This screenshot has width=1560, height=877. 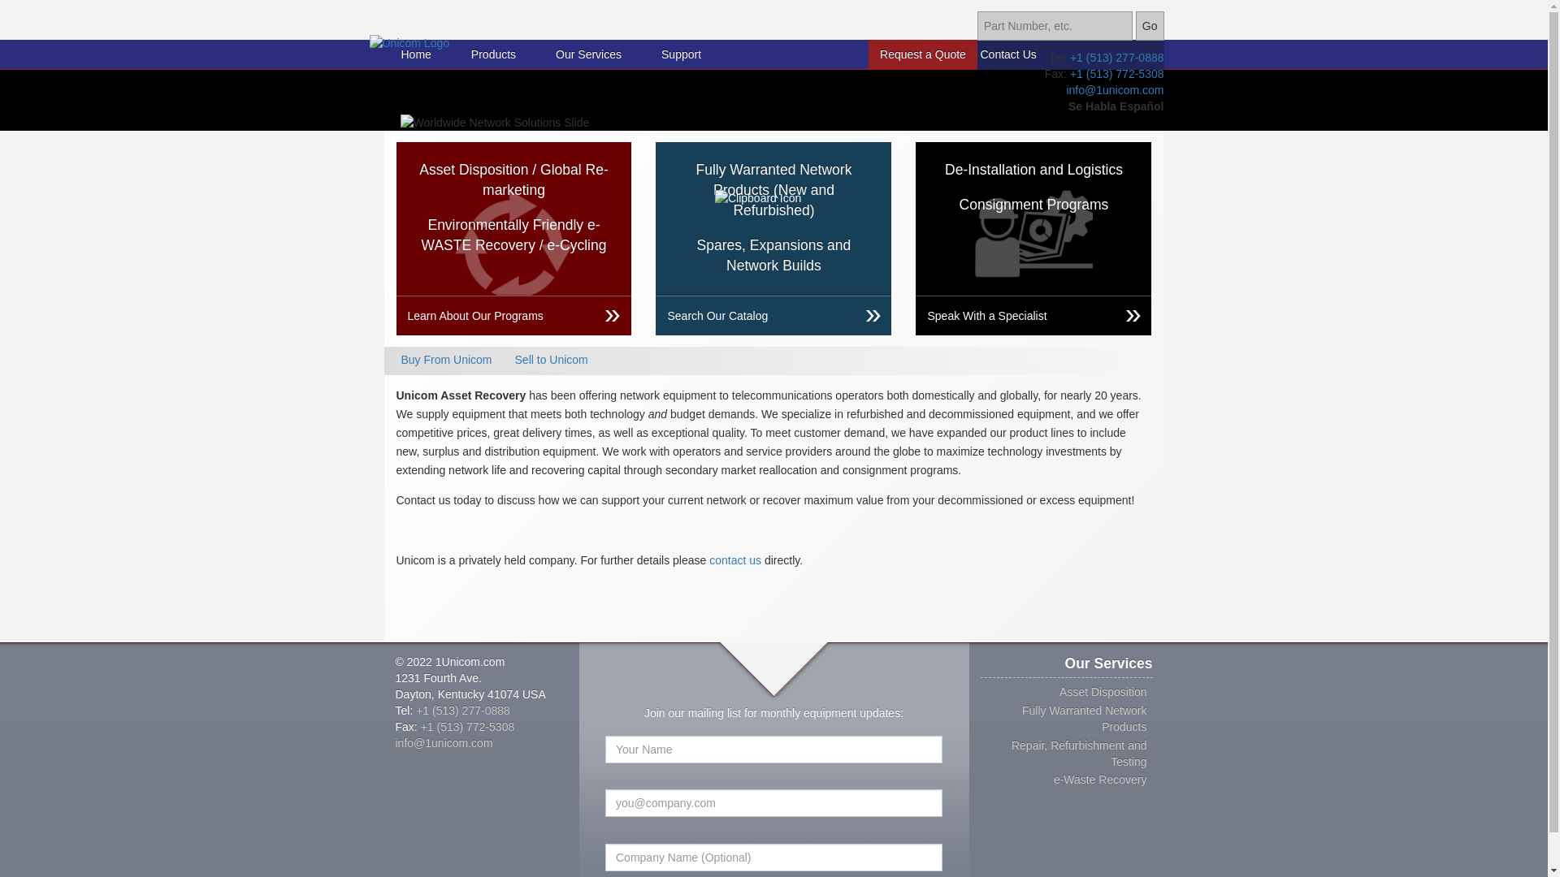 I want to click on 'Support', so click(x=681, y=53).